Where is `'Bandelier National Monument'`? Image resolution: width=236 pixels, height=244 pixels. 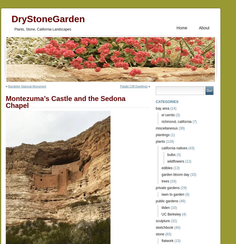
'Bandelier National Monument' is located at coordinates (27, 86).